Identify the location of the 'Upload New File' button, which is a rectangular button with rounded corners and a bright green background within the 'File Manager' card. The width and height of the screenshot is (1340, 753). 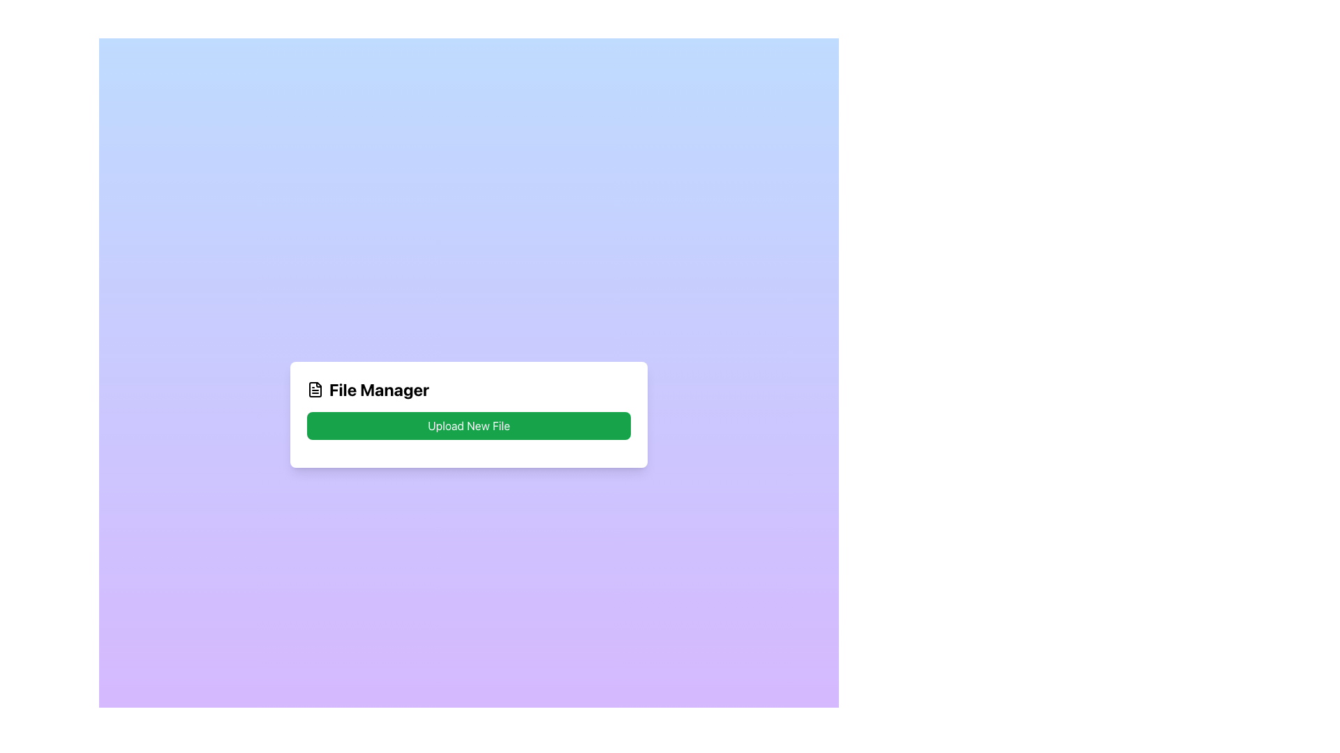
(469, 425).